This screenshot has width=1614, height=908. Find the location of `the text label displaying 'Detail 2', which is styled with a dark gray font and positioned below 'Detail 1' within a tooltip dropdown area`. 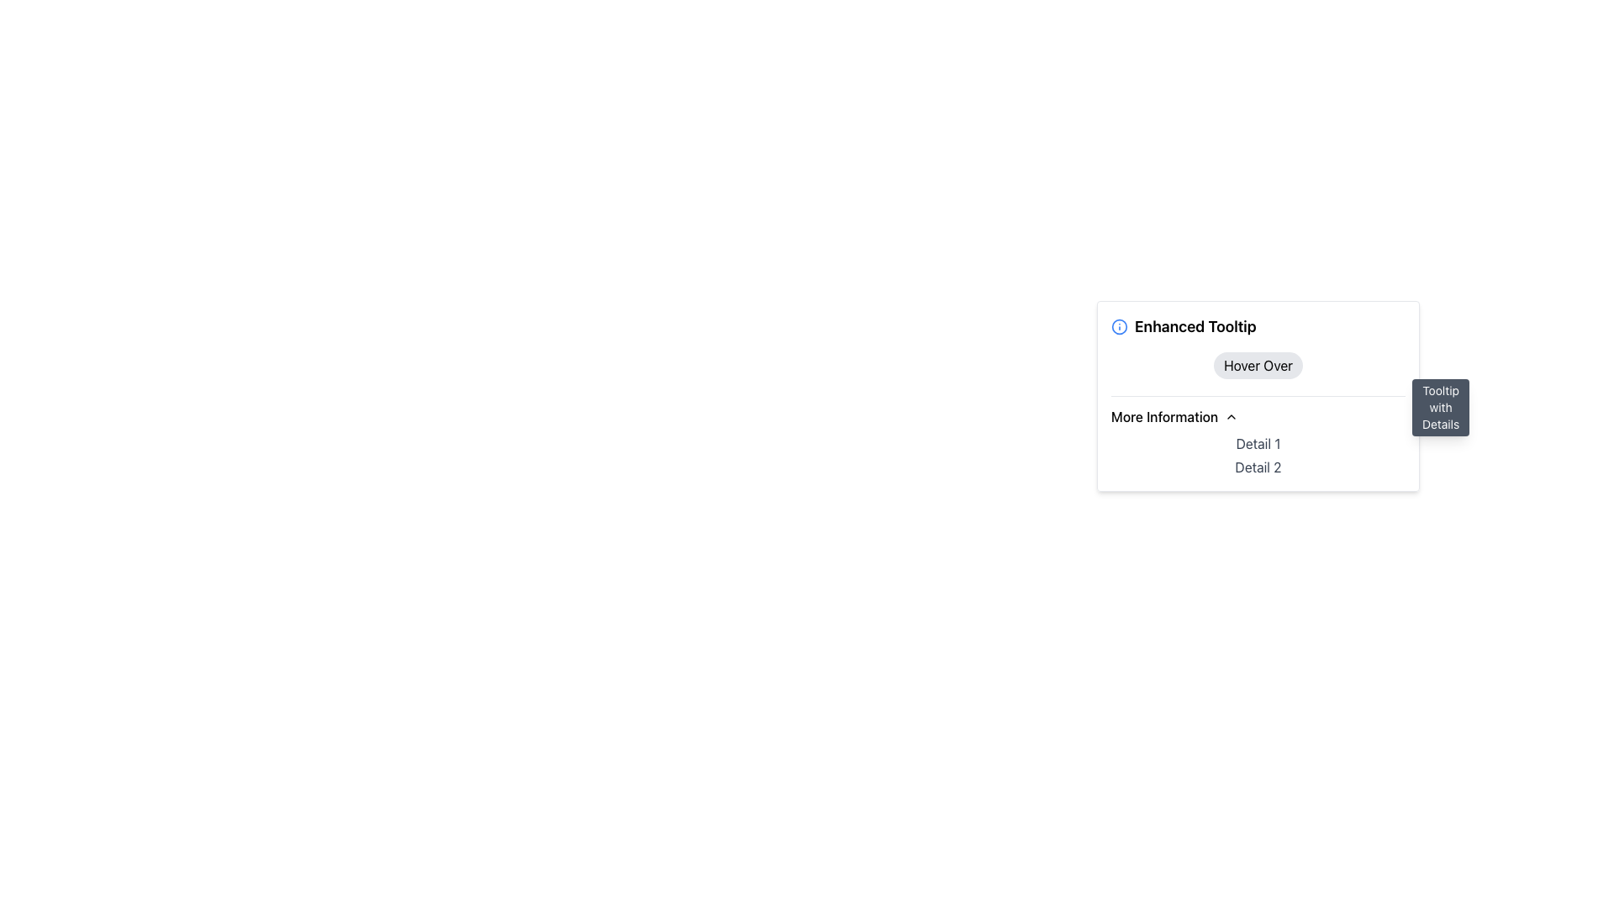

the text label displaying 'Detail 2', which is styled with a dark gray font and positioned below 'Detail 1' within a tooltip dropdown area is located at coordinates (1258, 467).